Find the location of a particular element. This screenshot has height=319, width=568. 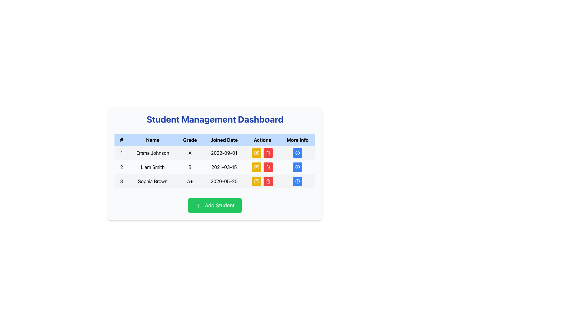

the yellow 'Edit' button with a pen icon located in the Actions column of the third row associated with Sophia Brown is located at coordinates (262, 181).